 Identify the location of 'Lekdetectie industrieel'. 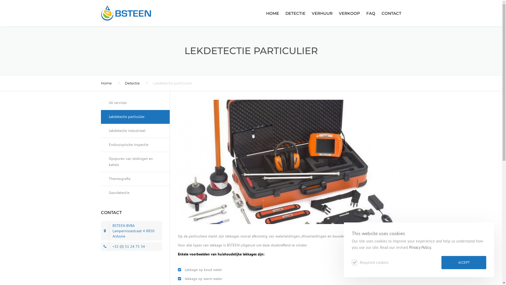
(135, 131).